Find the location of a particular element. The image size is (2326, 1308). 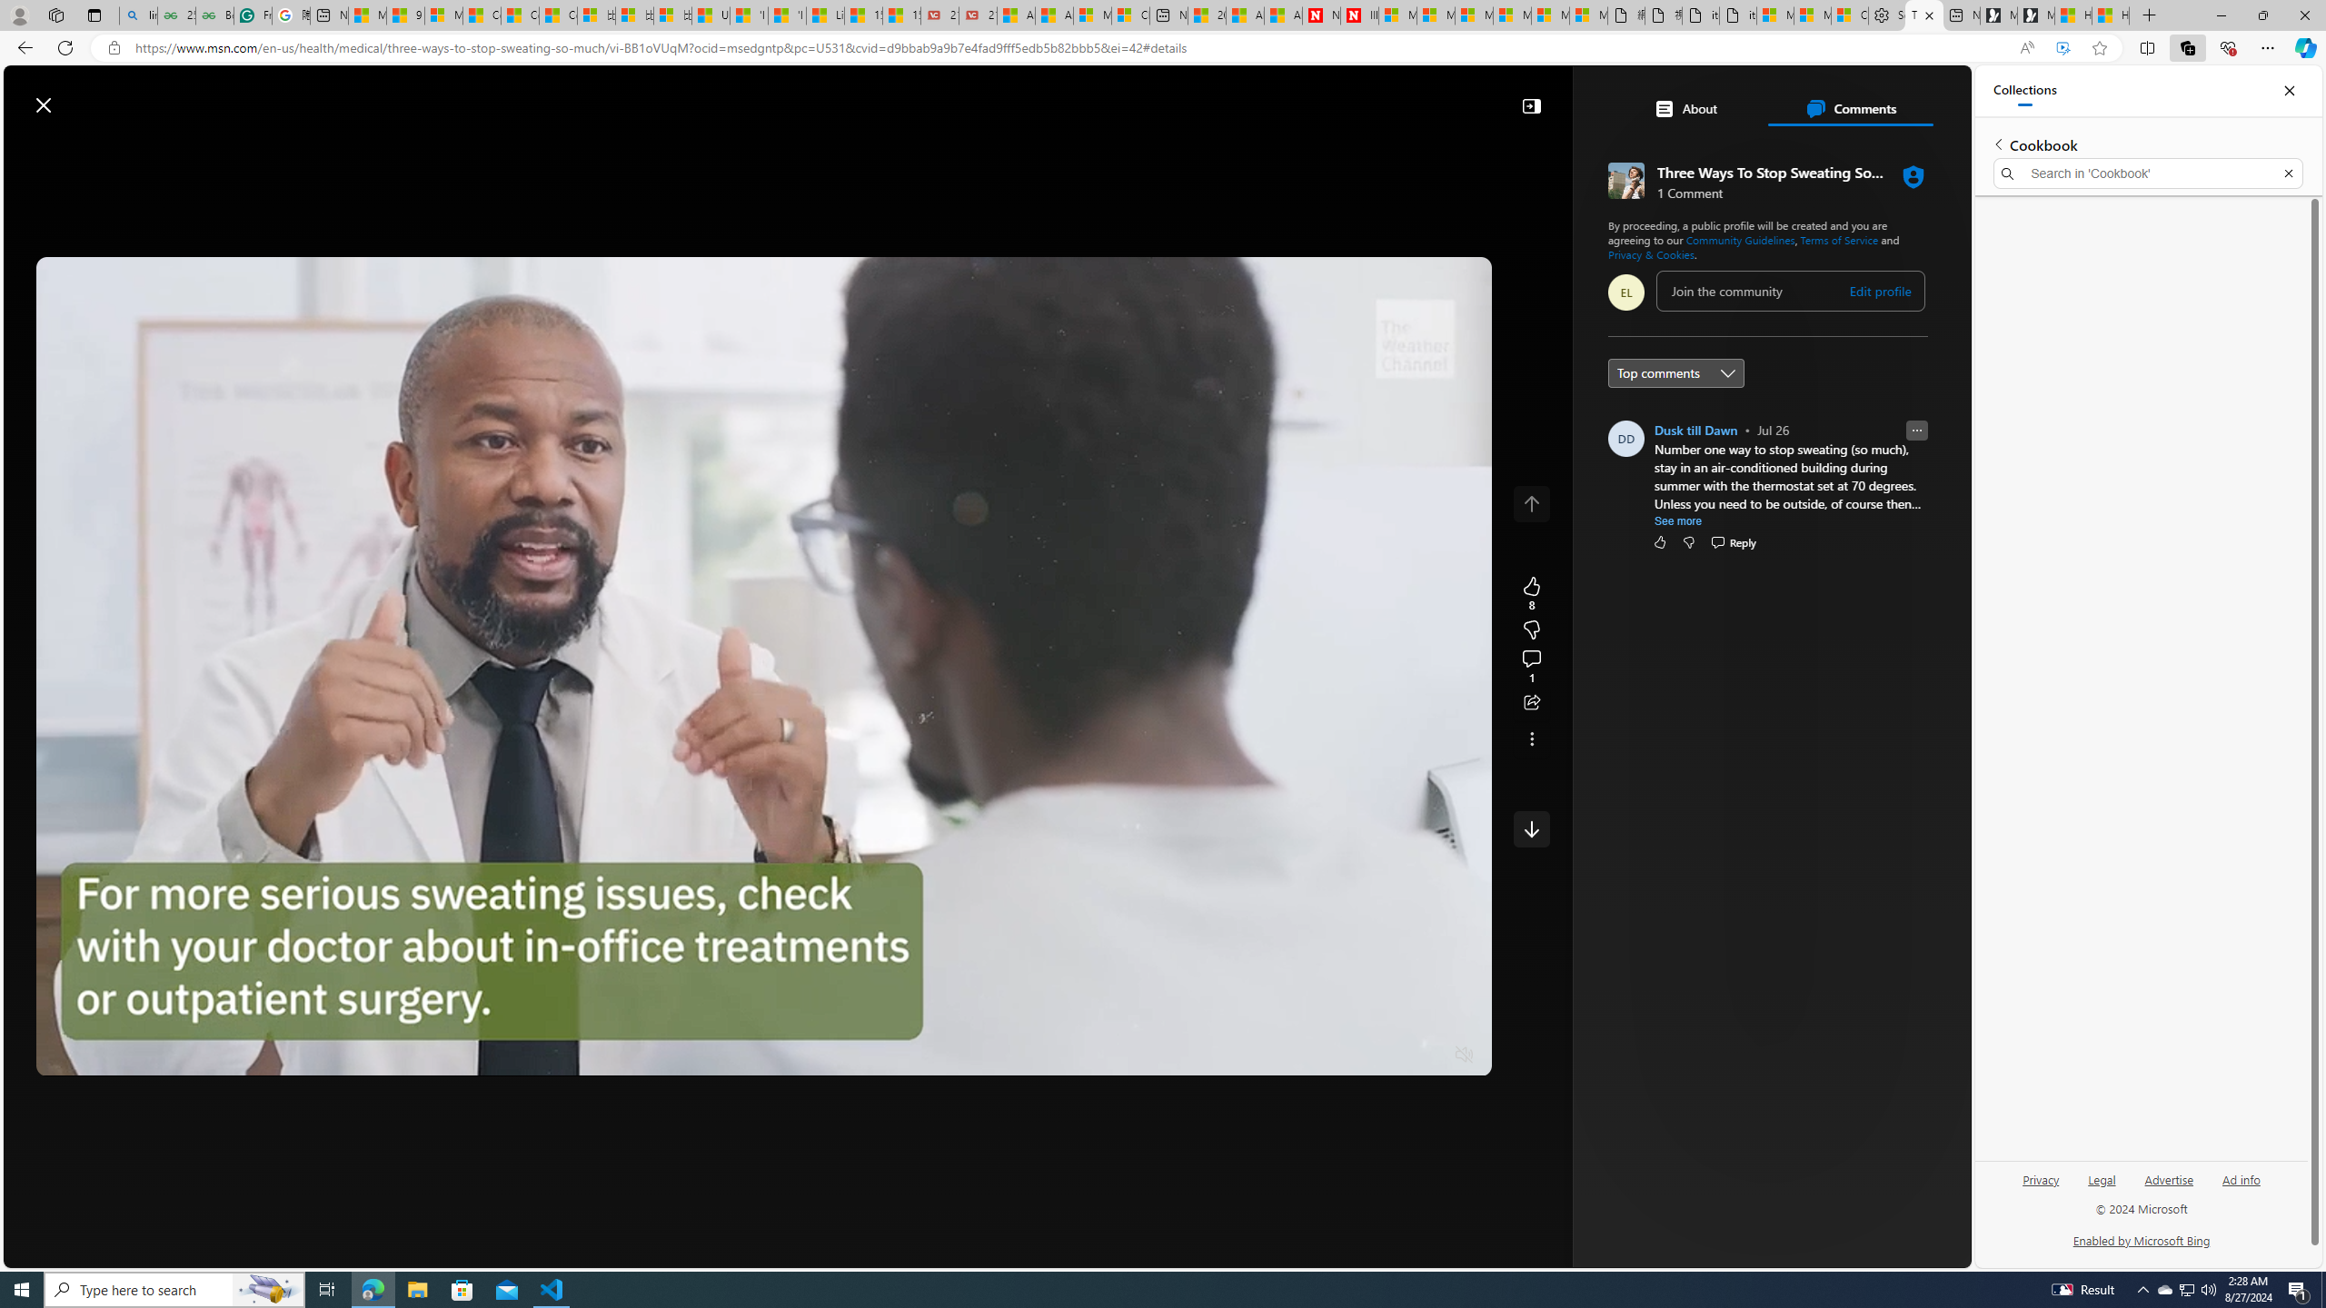

'How to Use a TV as a Computer Monitor' is located at coordinates (2111, 15).